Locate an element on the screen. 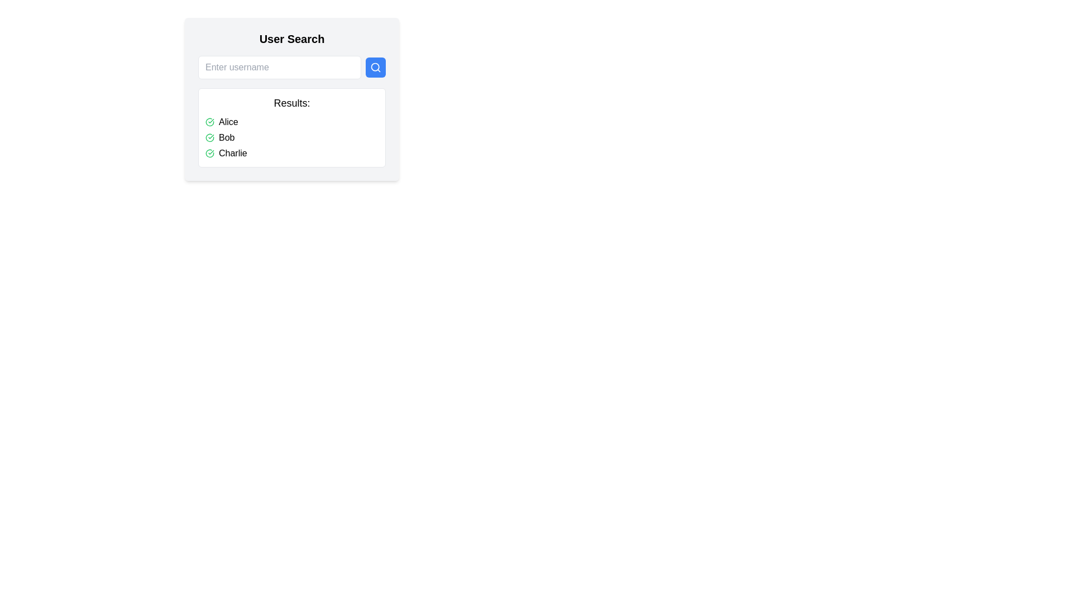  the second item in the results list under the 'User Search' section, which displays options with accompanying icons is located at coordinates (292, 137).